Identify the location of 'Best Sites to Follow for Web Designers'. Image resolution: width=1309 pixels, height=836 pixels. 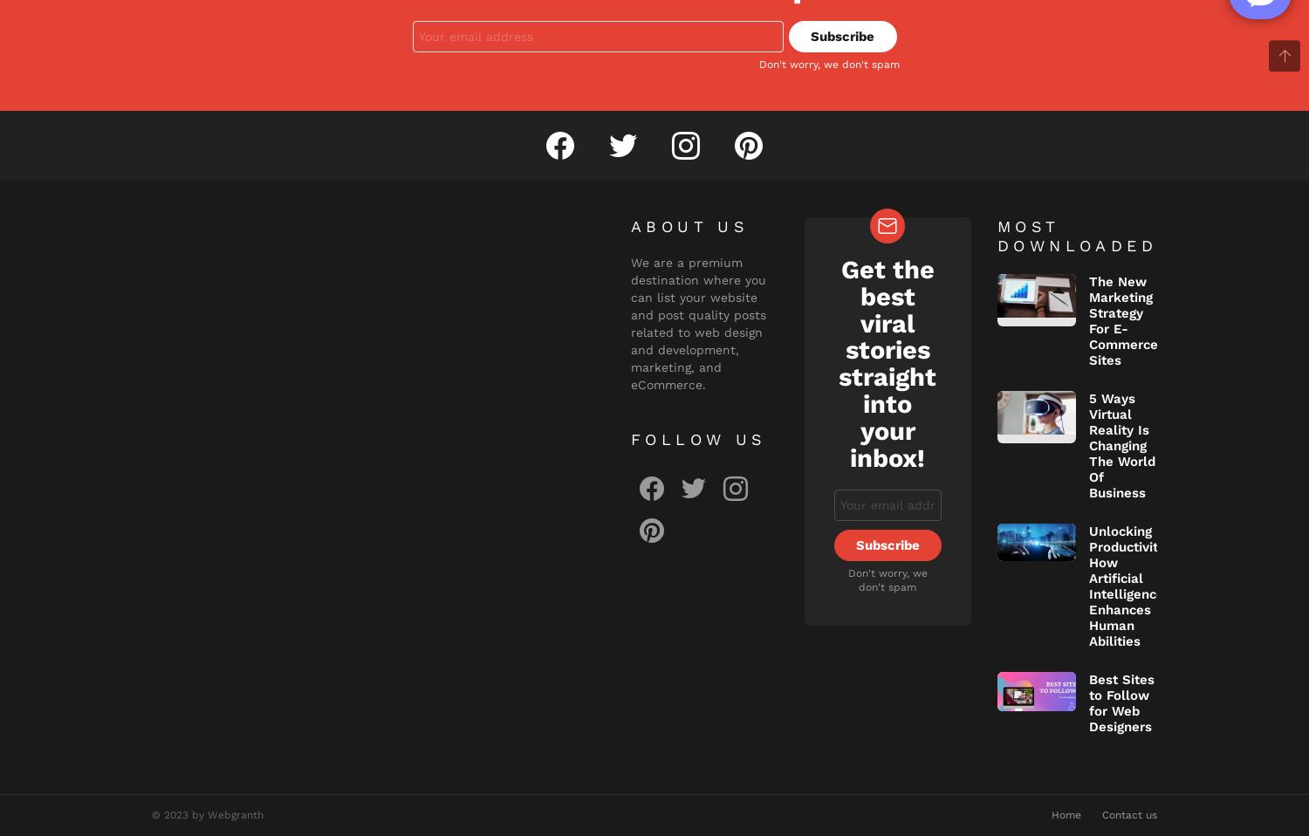
(1121, 702).